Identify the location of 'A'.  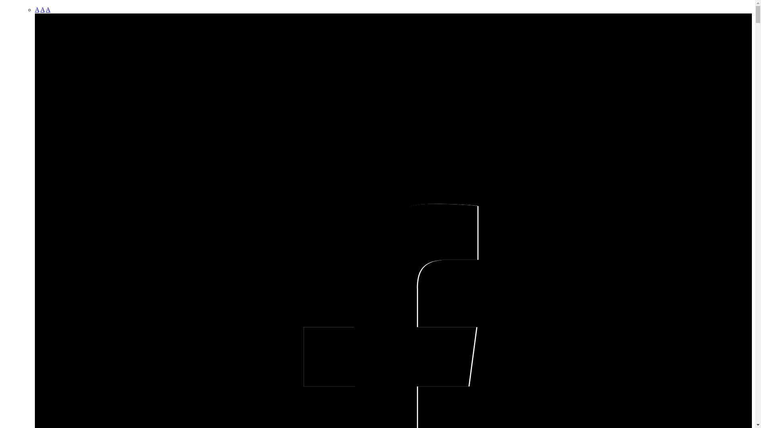
(42, 10).